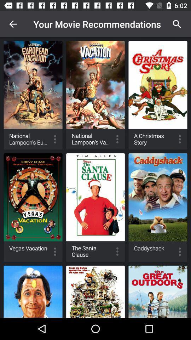 The width and height of the screenshot is (191, 340). I want to click on item to the left of your movie recommendations, so click(13, 24).